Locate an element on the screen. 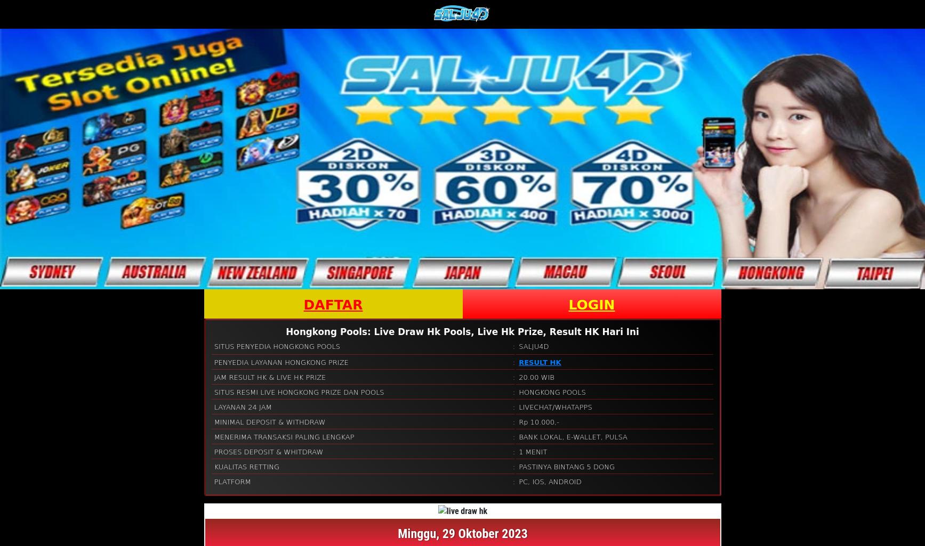  'KUALITAS RETTING' is located at coordinates (246, 466).